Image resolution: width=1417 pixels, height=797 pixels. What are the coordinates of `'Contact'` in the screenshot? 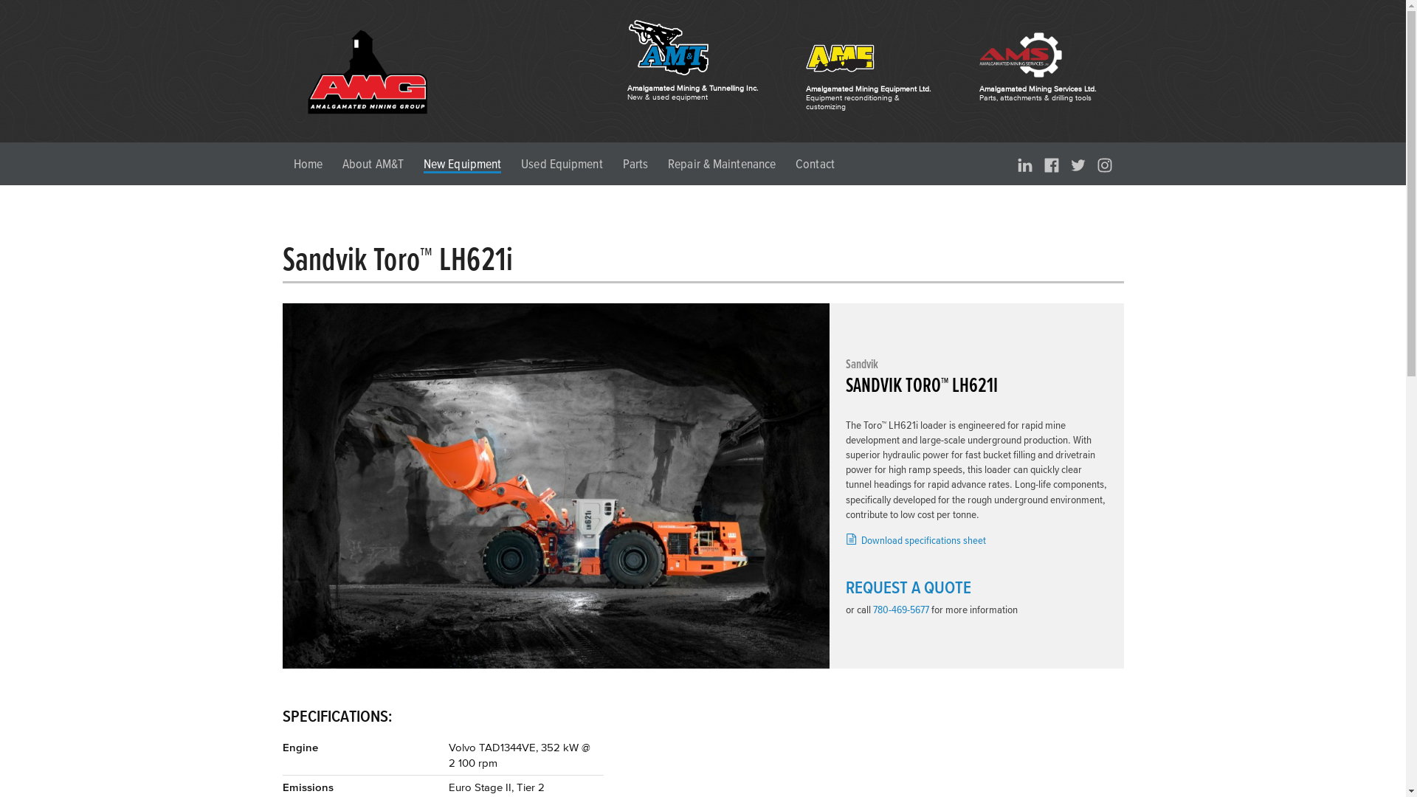 It's located at (814, 164).